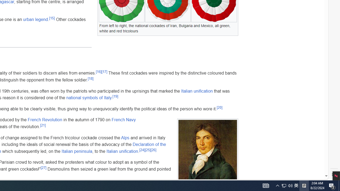  I want to click on '[20]', so click(219, 107).